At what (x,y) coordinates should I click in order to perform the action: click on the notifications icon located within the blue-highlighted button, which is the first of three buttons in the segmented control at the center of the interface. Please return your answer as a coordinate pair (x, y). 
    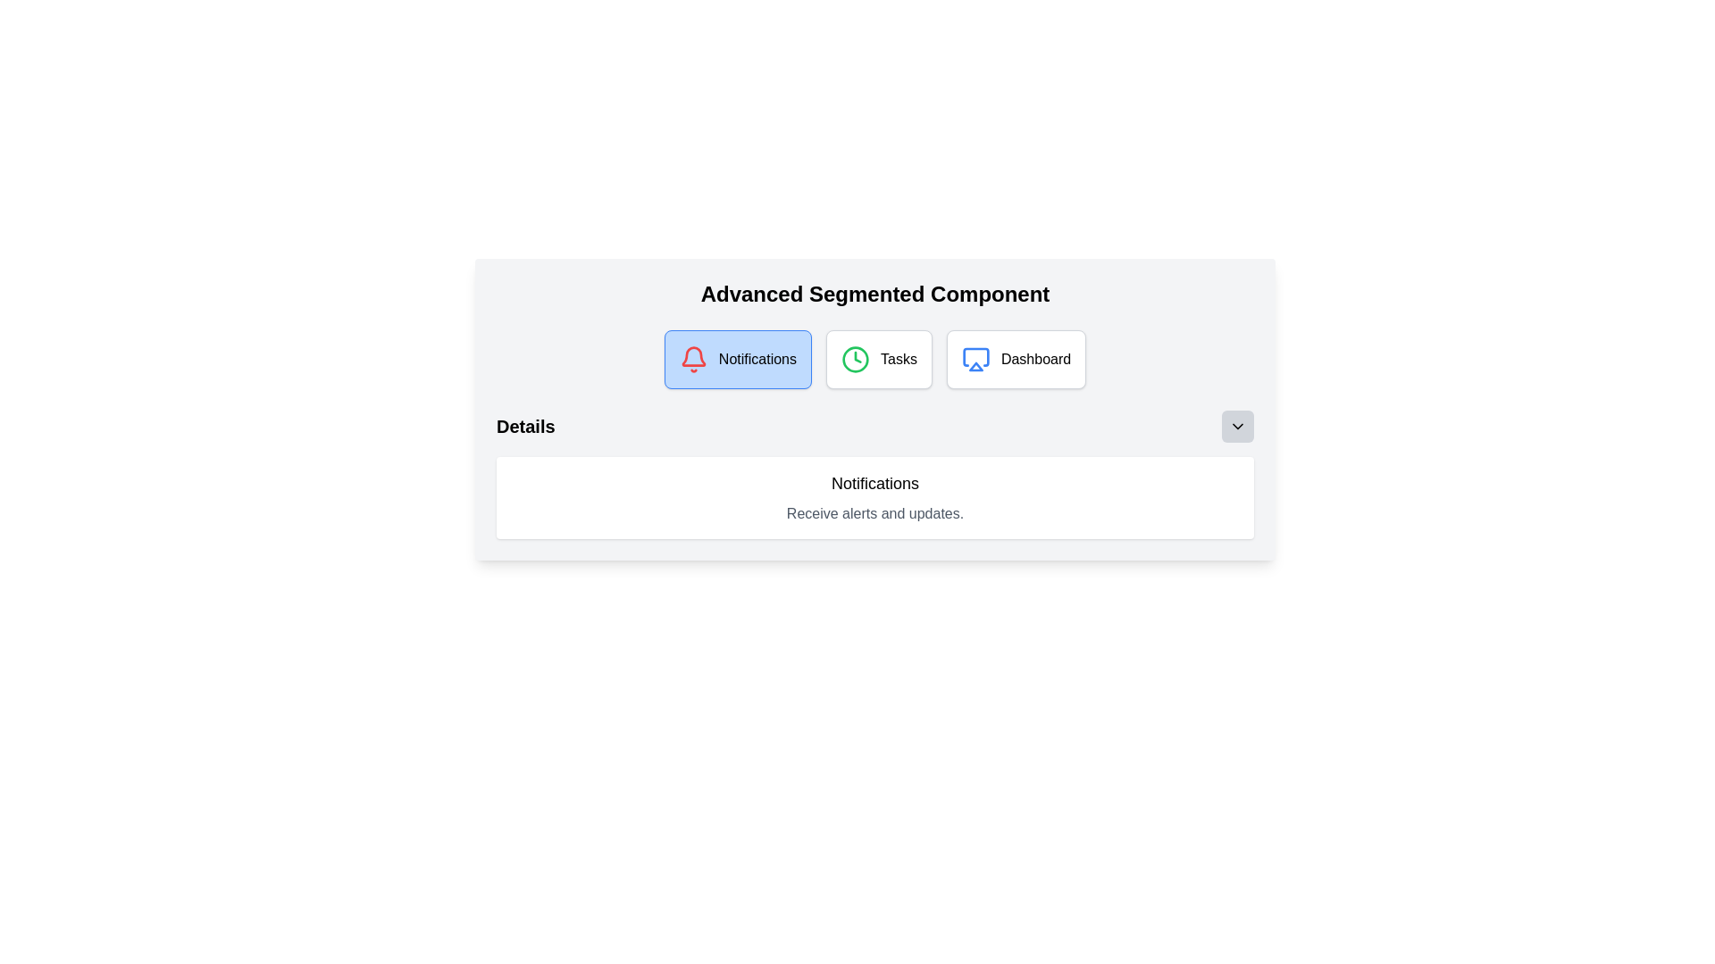
    Looking at the image, I should click on (692, 359).